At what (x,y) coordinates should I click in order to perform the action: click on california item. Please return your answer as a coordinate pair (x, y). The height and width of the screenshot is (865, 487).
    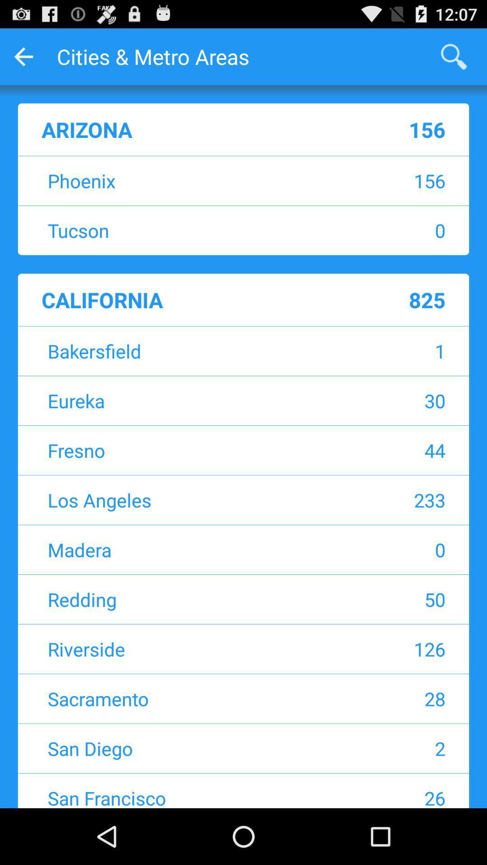
    Looking at the image, I should click on (184, 300).